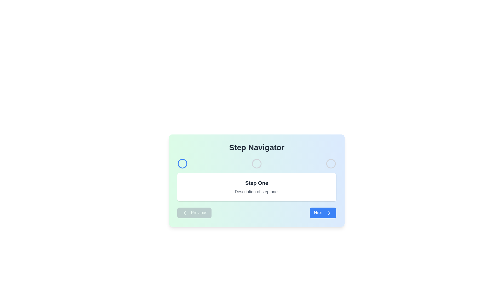 This screenshot has width=502, height=282. I want to click on the navigation button located at the bottom-right corner of the card interface, so click(323, 213).